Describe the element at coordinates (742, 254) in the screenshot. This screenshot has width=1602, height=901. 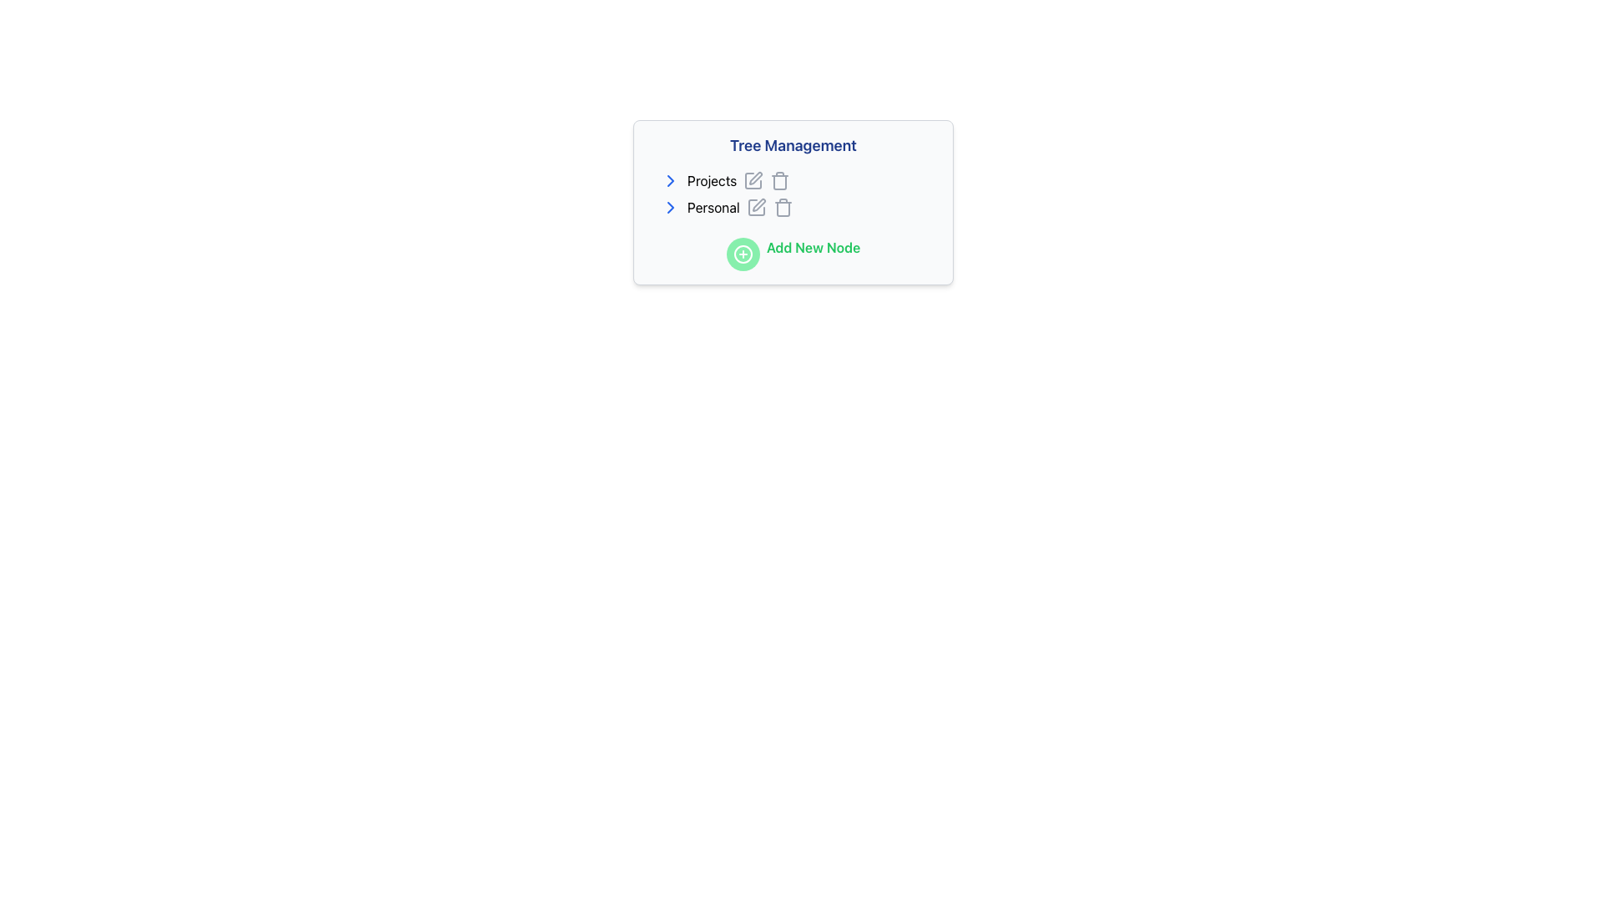
I see `the green circular button located below the 'Tree Management' section` at that location.